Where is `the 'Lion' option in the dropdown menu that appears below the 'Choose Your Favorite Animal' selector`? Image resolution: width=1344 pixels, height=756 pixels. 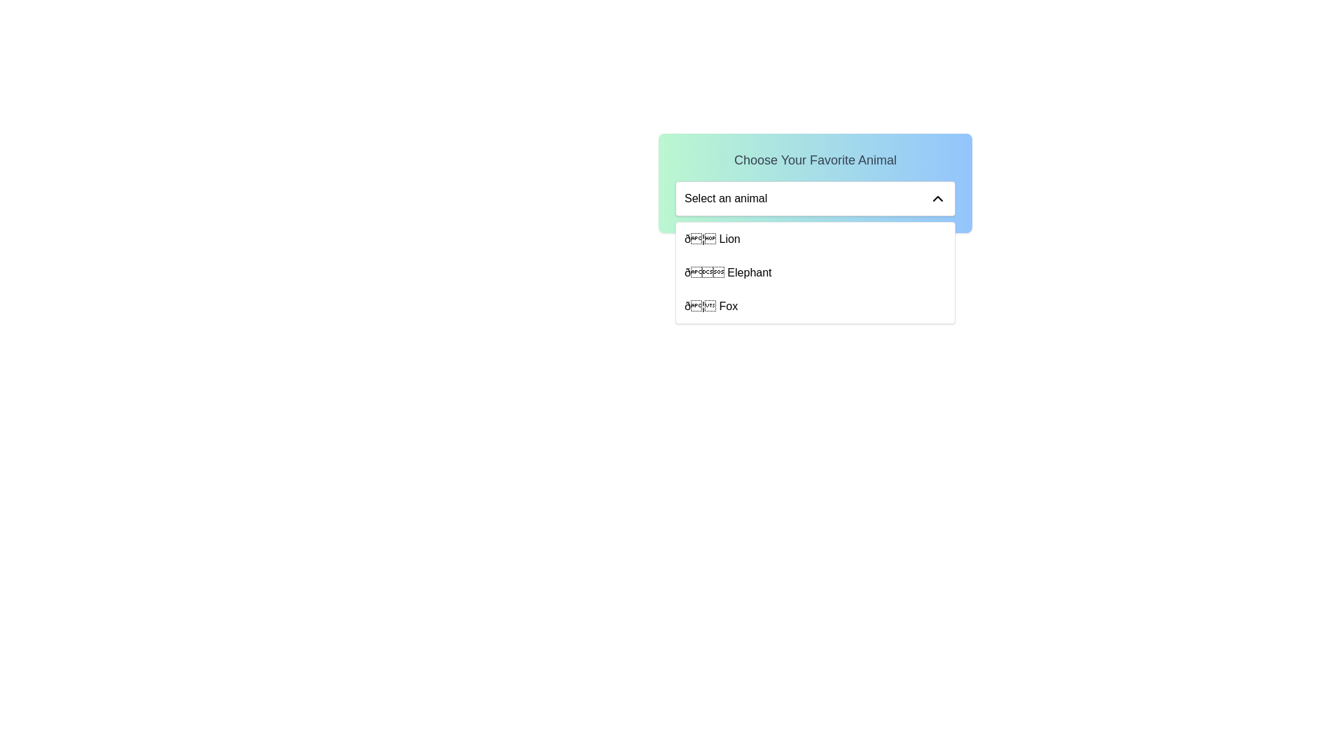
the 'Lion' option in the dropdown menu that appears below the 'Choose Your Favorite Animal' selector is located at coordinates (712, 239).